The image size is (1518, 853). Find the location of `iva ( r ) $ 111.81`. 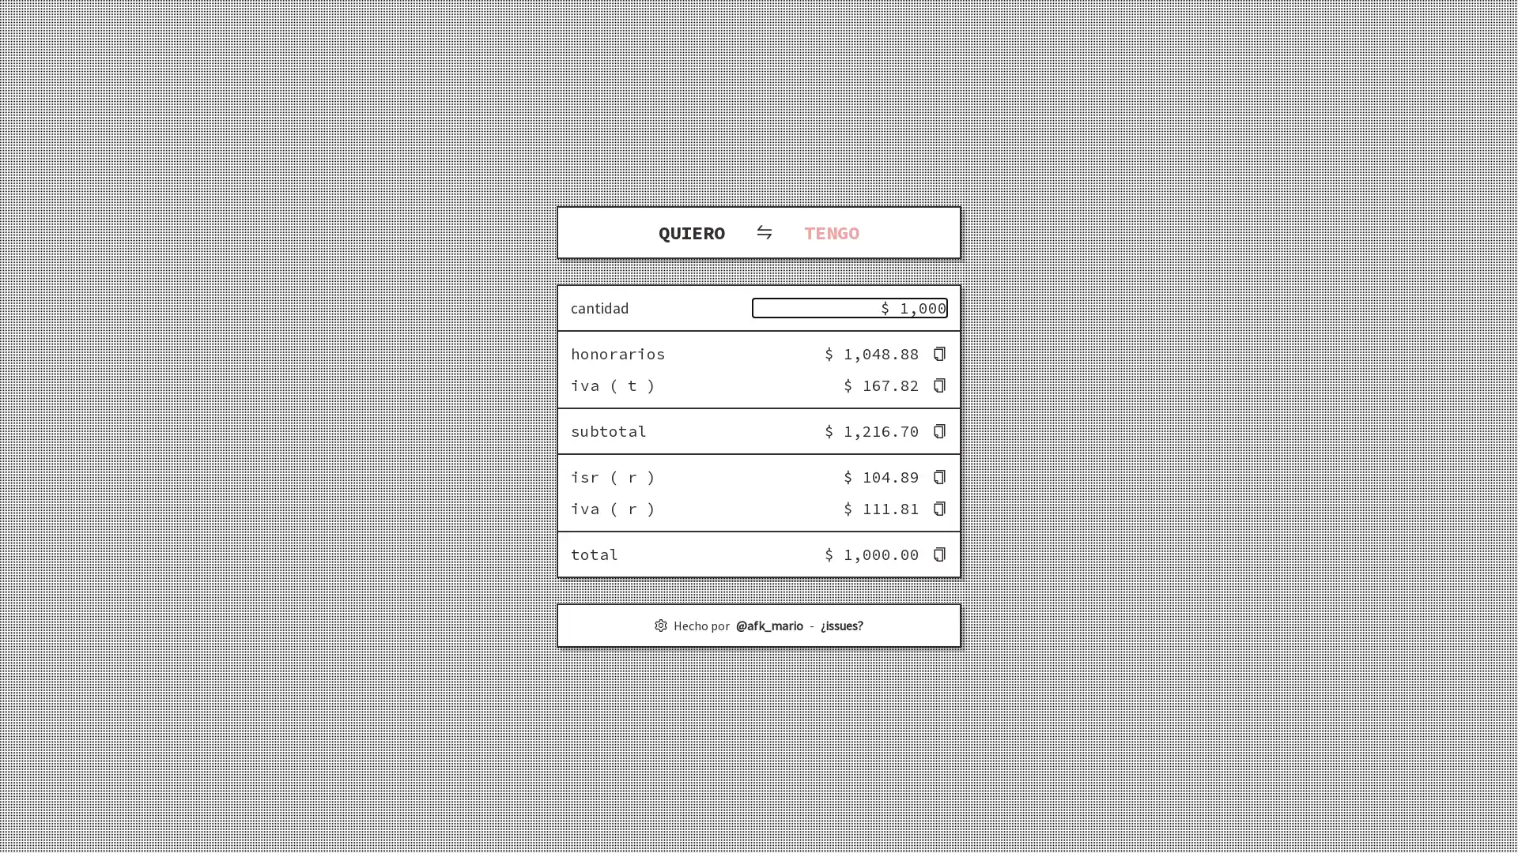

iva ( r ) $ 111.81 is located at coordinates (759, 508).